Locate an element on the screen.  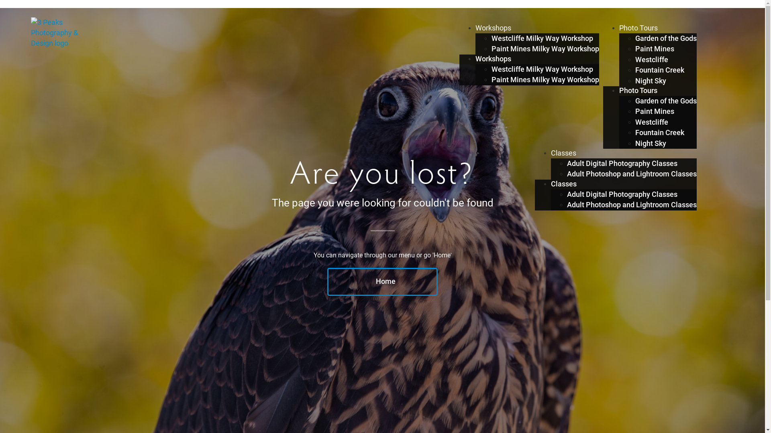
'Classes' is located at coordinates (563, 153).